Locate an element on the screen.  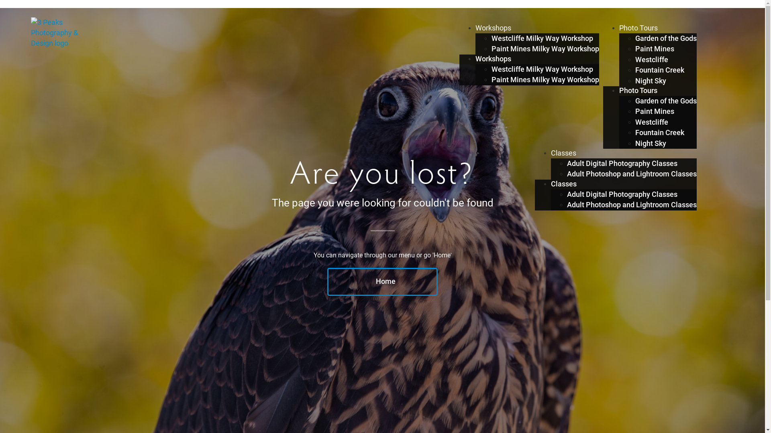
'Classes' is located at coordinates (563, 153).